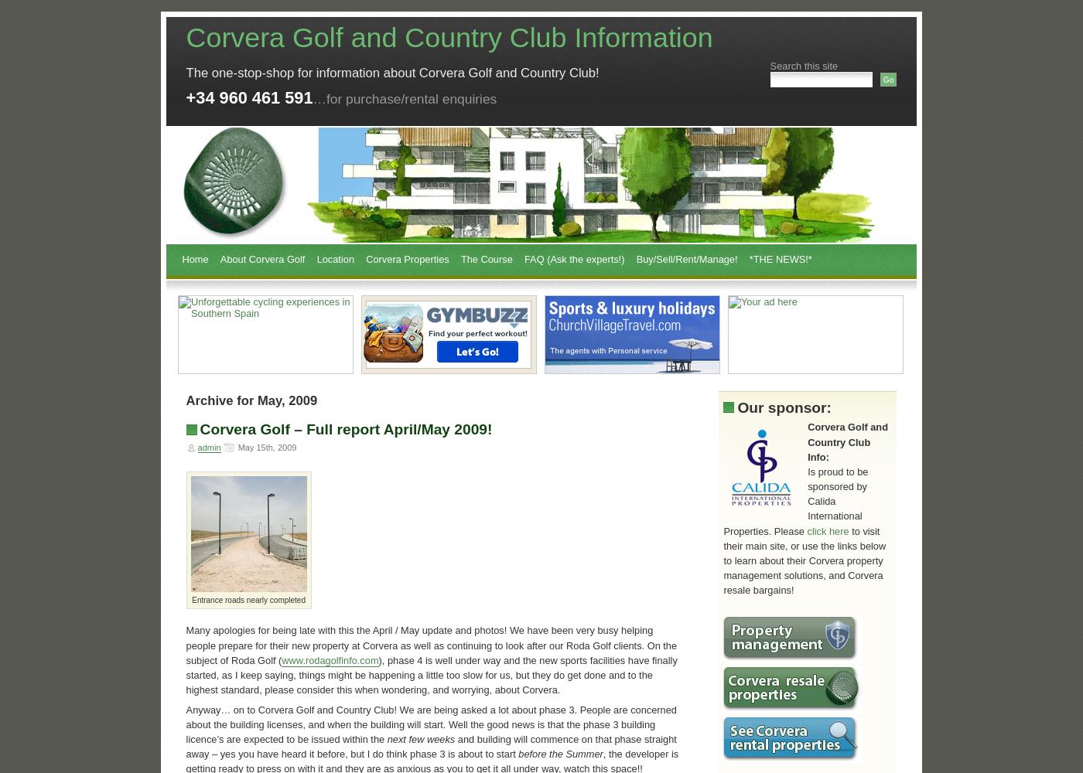 This screenshot has height=773, width=1083. Describe the element at coordinates (346, 429) in the screenshot. I see `'Corvera Golf – Full report April/May 2009!'` at that location.